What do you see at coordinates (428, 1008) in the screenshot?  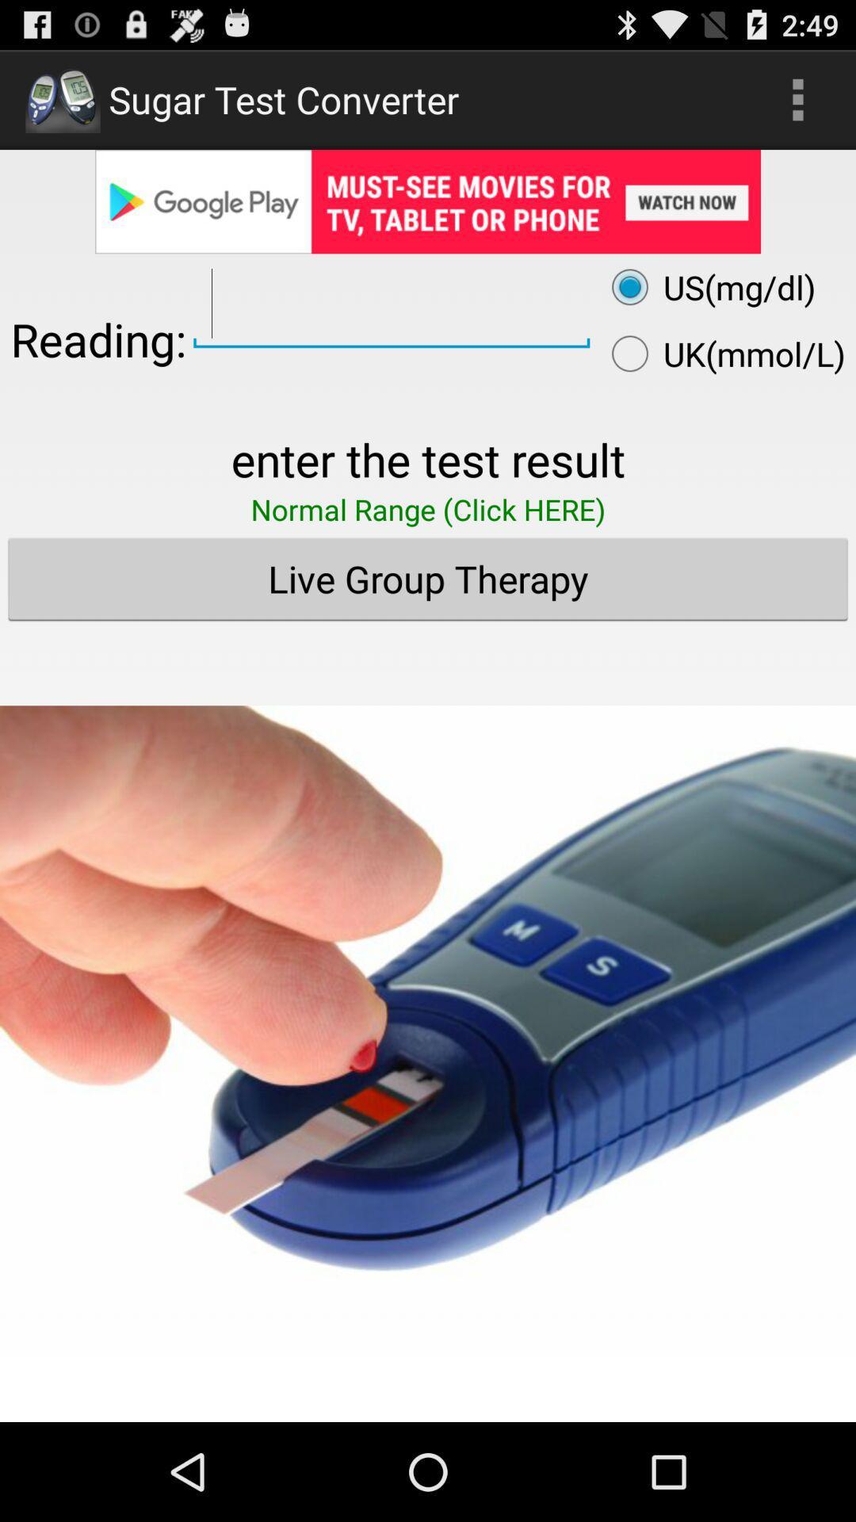 I see `advertisement` at bounding box center [428, 1008].